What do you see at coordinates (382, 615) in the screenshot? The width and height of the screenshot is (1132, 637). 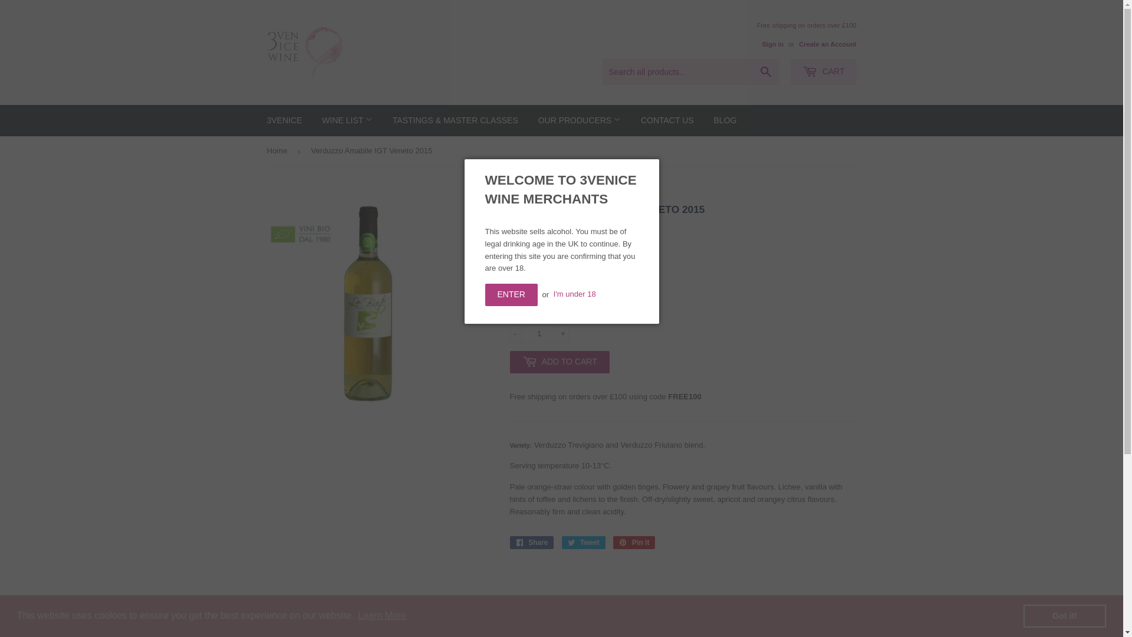 I see `'Learn More'` at bounding box center [382, 615].